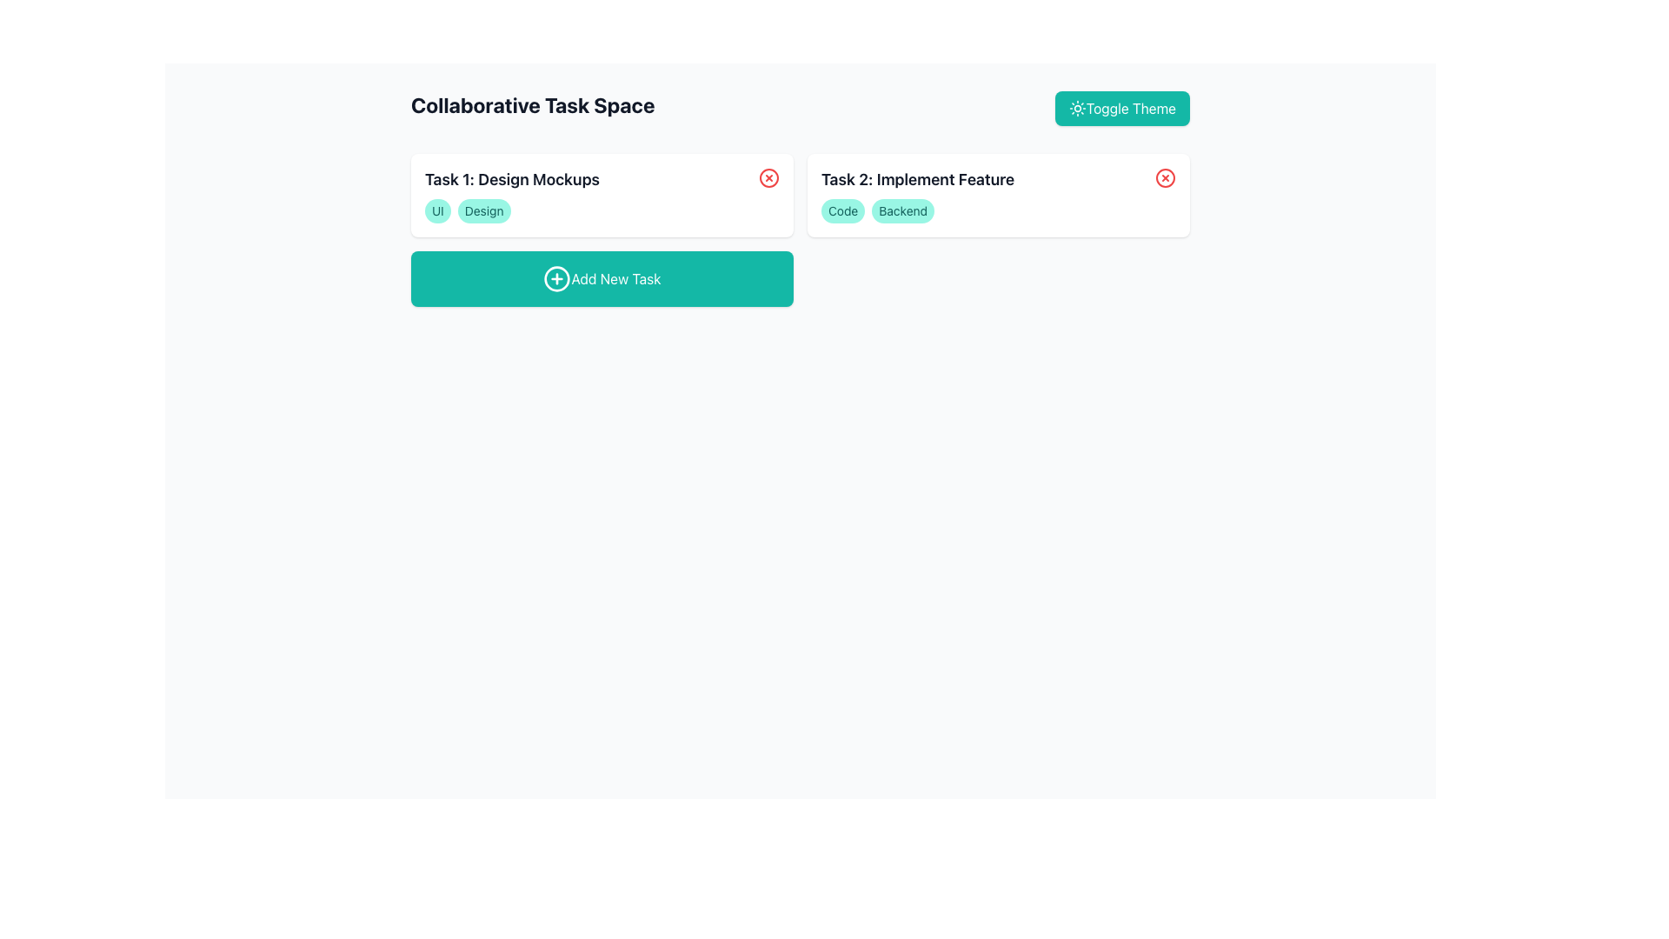  What do you see at coordinates (1076, 108) in the screenshot?
I see `the theme toggle icon located at the top-right section of the interface` at bounding box center [1076, 108].